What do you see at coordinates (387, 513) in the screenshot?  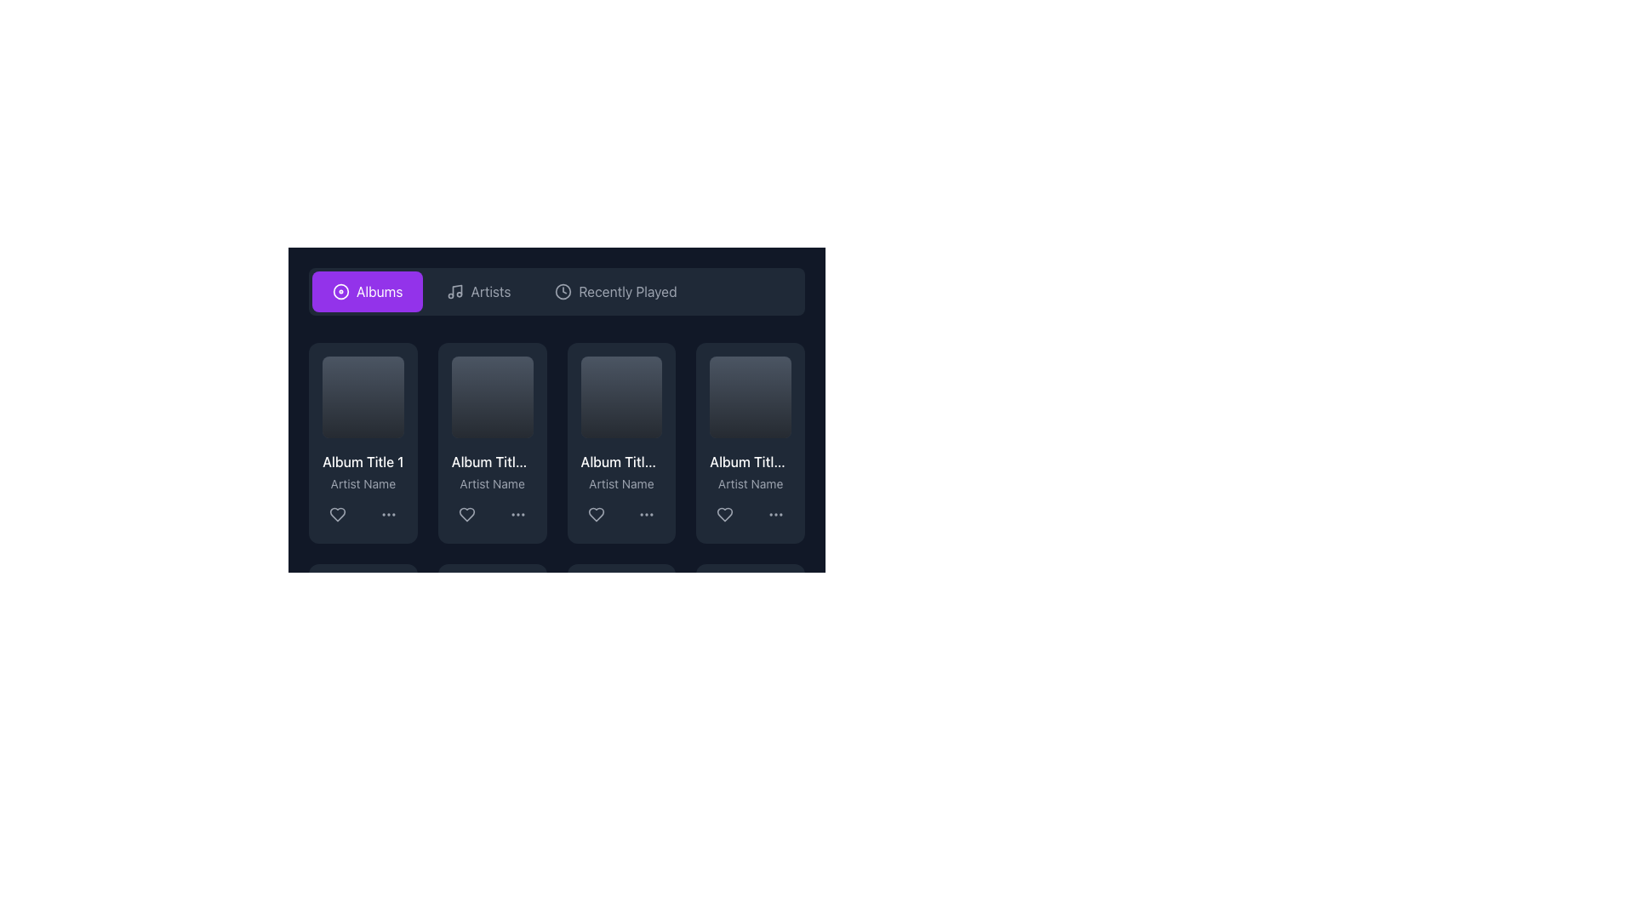 I see `the contextual menu button located in the bottom-right corner of the first album card` at bounding box center [387, 513].